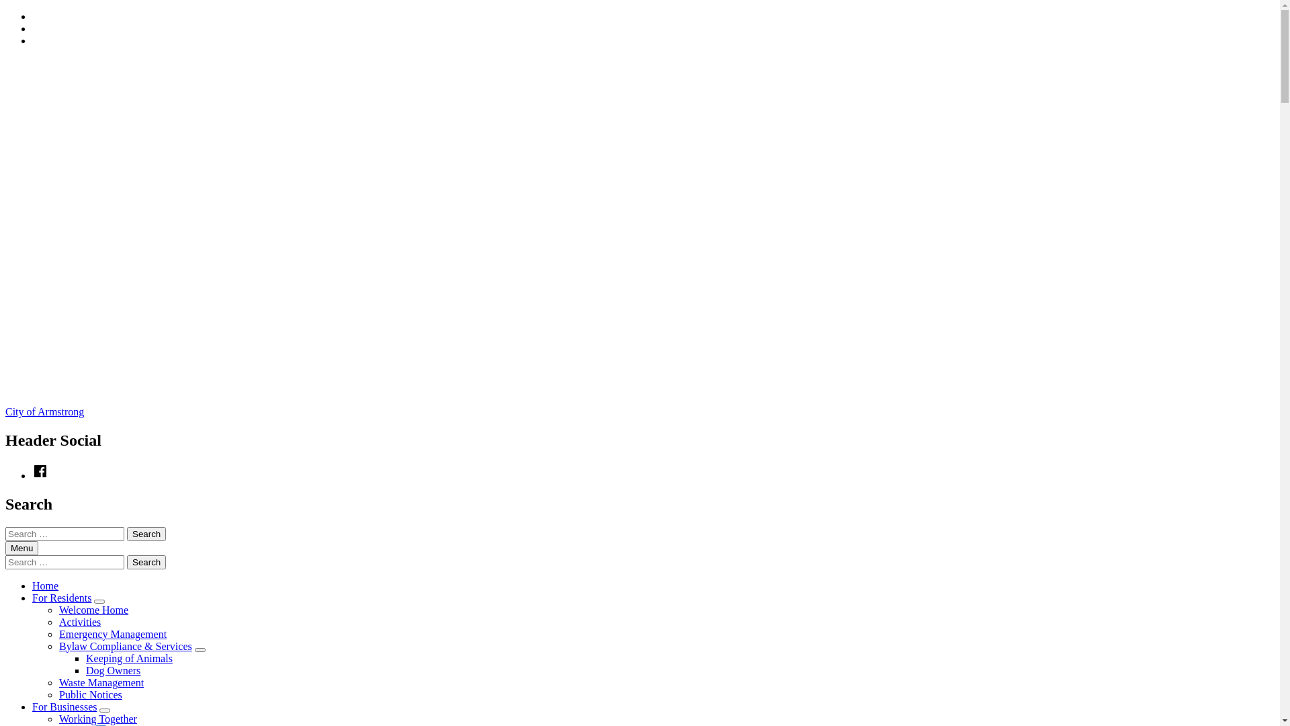 The height and width of the screenshot is (726, 1290). I want to click on 'Public Notices', so click(89, 694).